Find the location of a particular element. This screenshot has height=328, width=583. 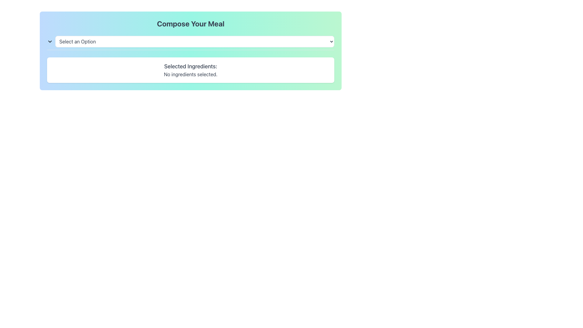

the dropdown menu located under the title 'Compose Your Meal' is located at coordinates (190, 41).